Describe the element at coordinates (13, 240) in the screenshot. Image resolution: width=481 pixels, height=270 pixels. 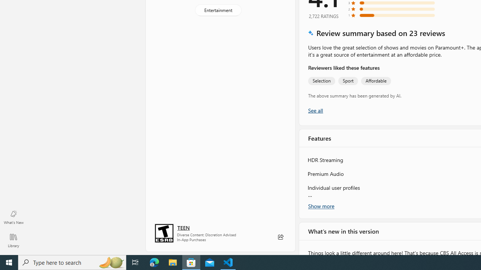
I see `'Library'` at that location.